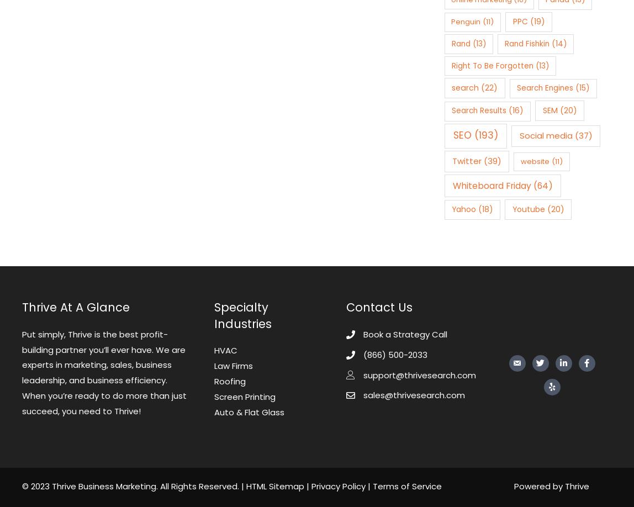  Describe the element at coordinates (405, 333) in the screenshot. I see `'Book a Strategy Call'` at that location.